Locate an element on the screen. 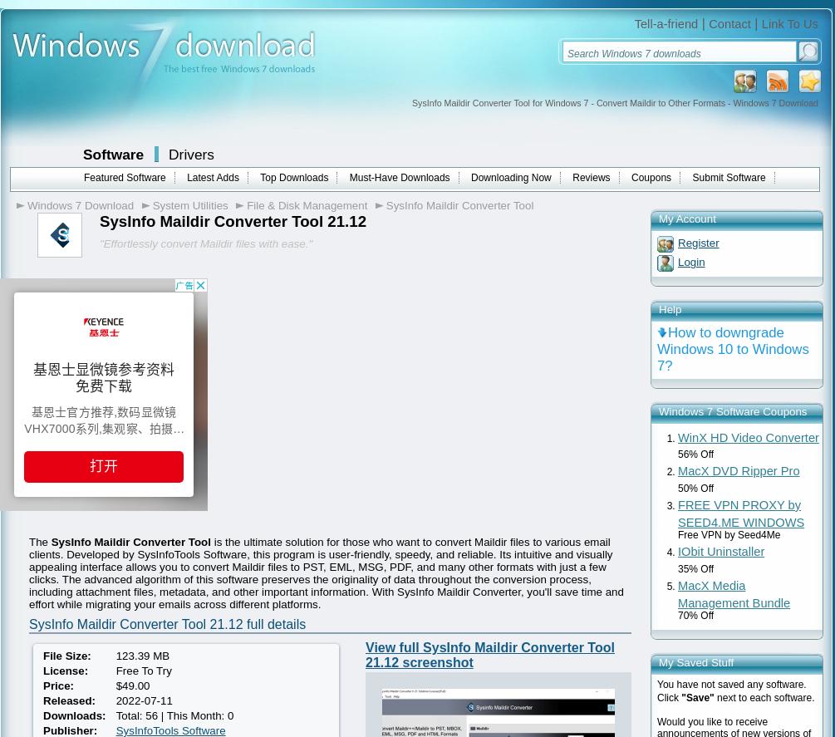  'Downloading Now' is located at coordinates (509, 178).